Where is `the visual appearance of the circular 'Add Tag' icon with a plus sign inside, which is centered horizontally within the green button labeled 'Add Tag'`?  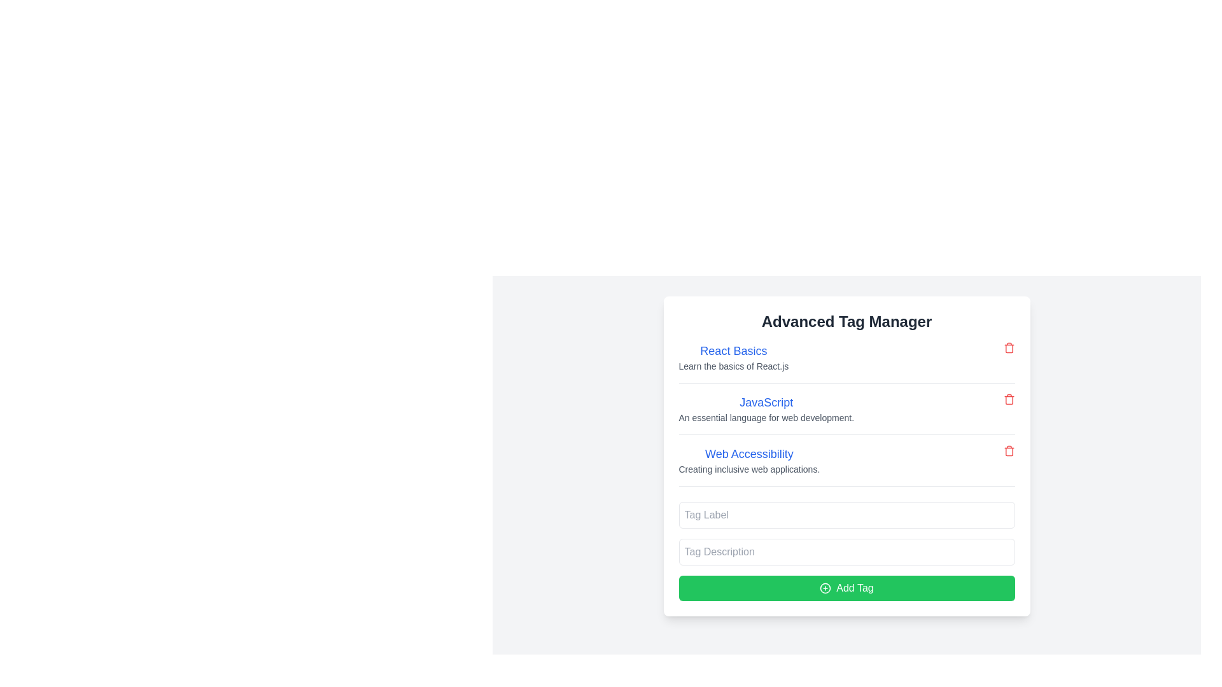
the visual appearance of the circular 'Add Tag' icon with a plus sign inside, which is centered horizontally within the green button labeled 'Add Tag' is located at coordinates (825, 588).